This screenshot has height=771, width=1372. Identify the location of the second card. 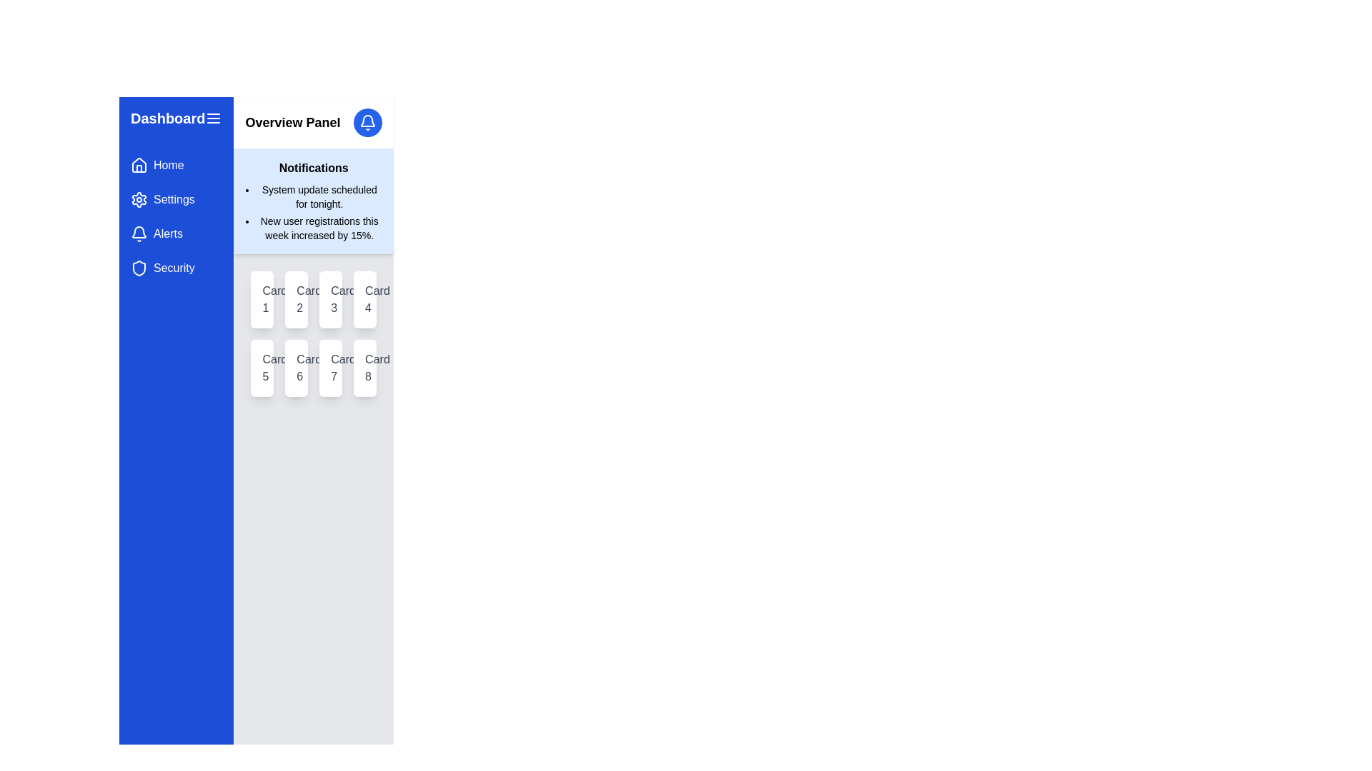
(295, 299).